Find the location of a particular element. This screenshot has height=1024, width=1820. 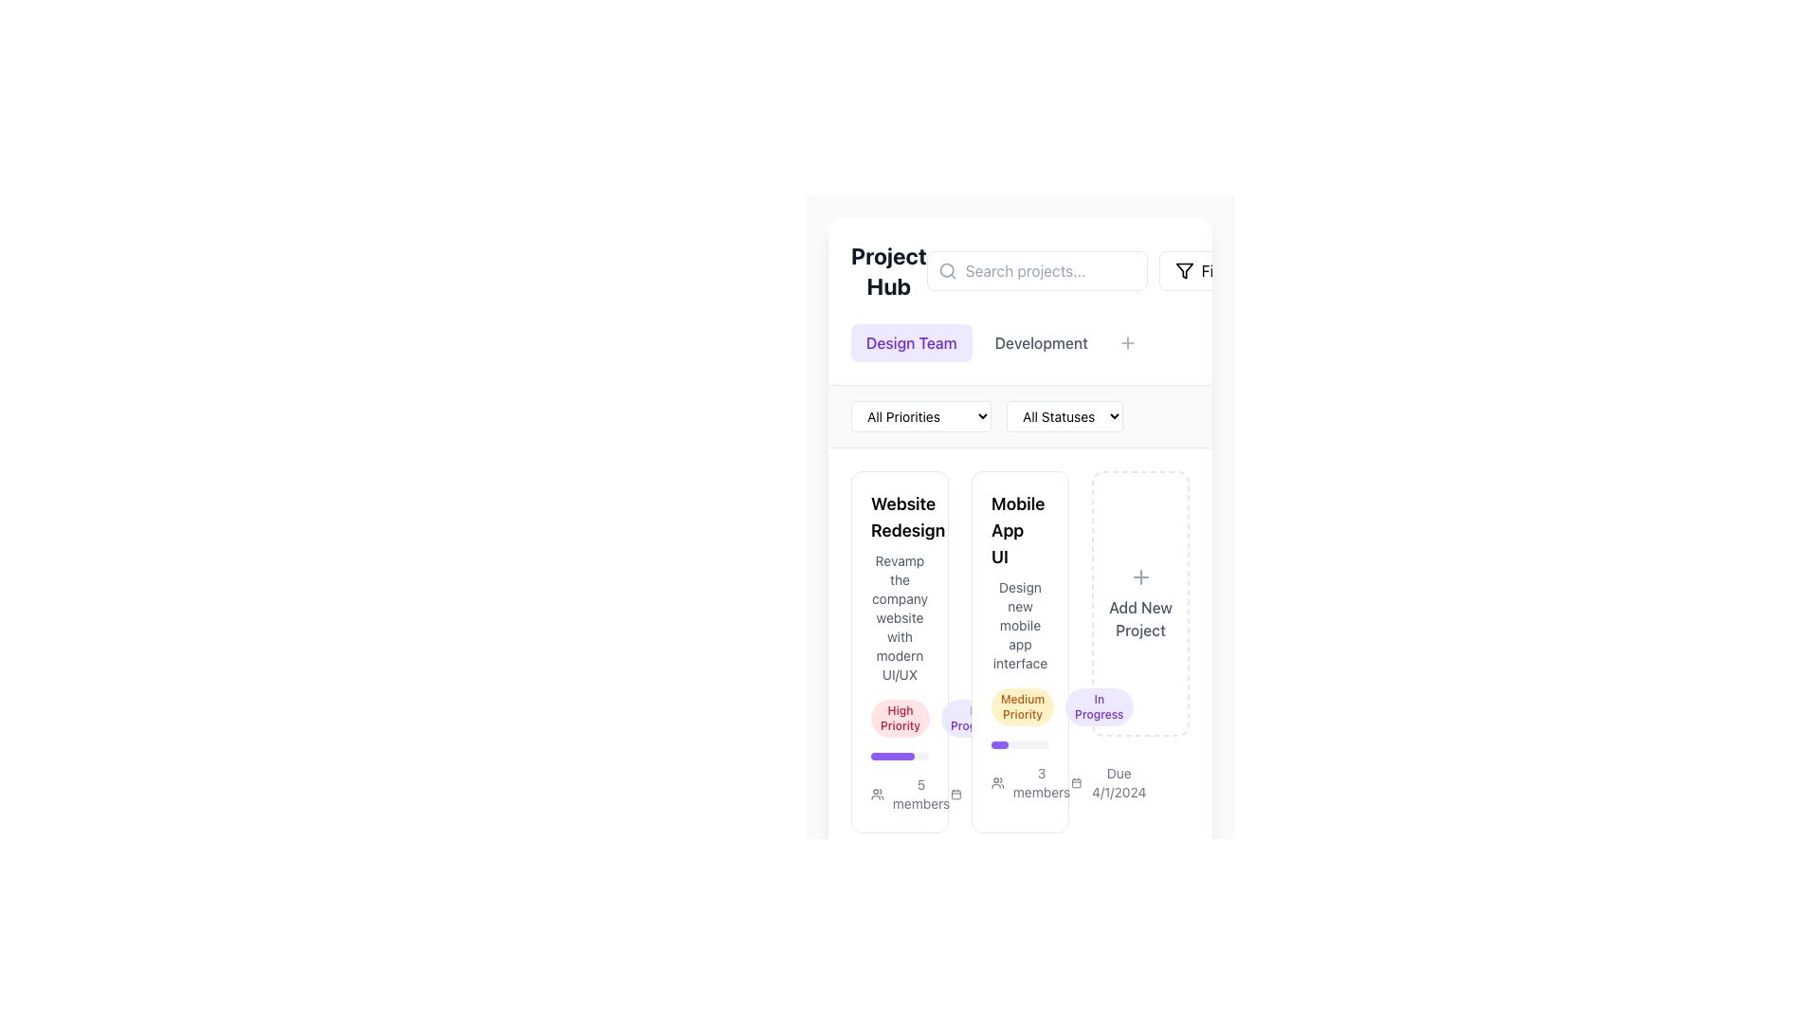

the calendar icon, which is styled with thin strokes and a rectangular outline with rounded corners, located to the immediate left of the text 'Due 3/15/2024' in the bottom-right corner of the card labeled 'Mobile App UI' is located at coordinates (956, 794).